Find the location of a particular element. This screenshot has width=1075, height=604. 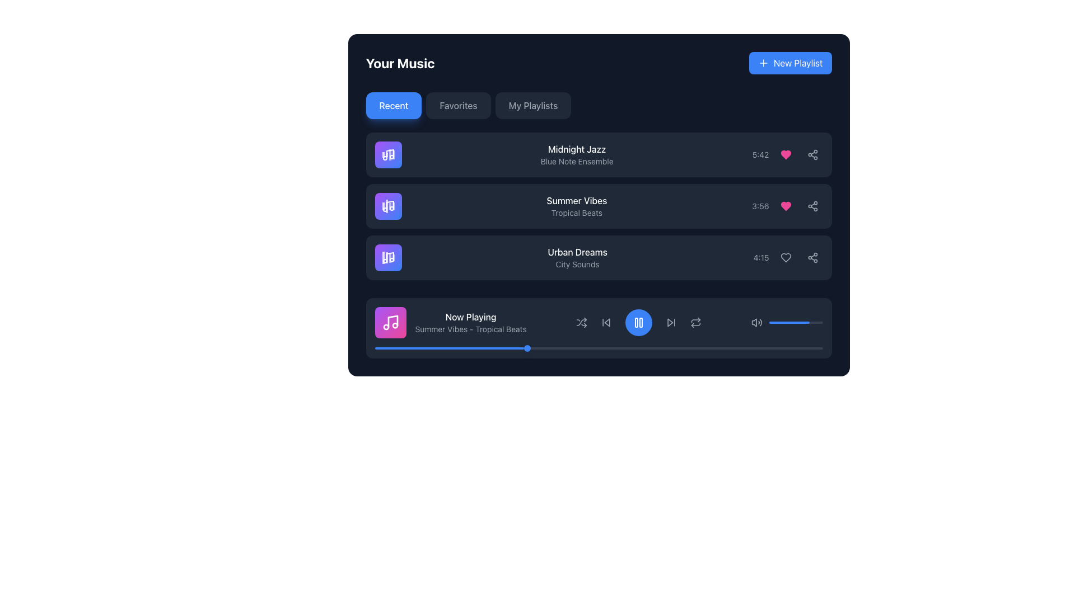

the pink heart icon button located in the control group at the far right end of the row labeled 'Midnight Jazz' is located at coordinates (785, 155).